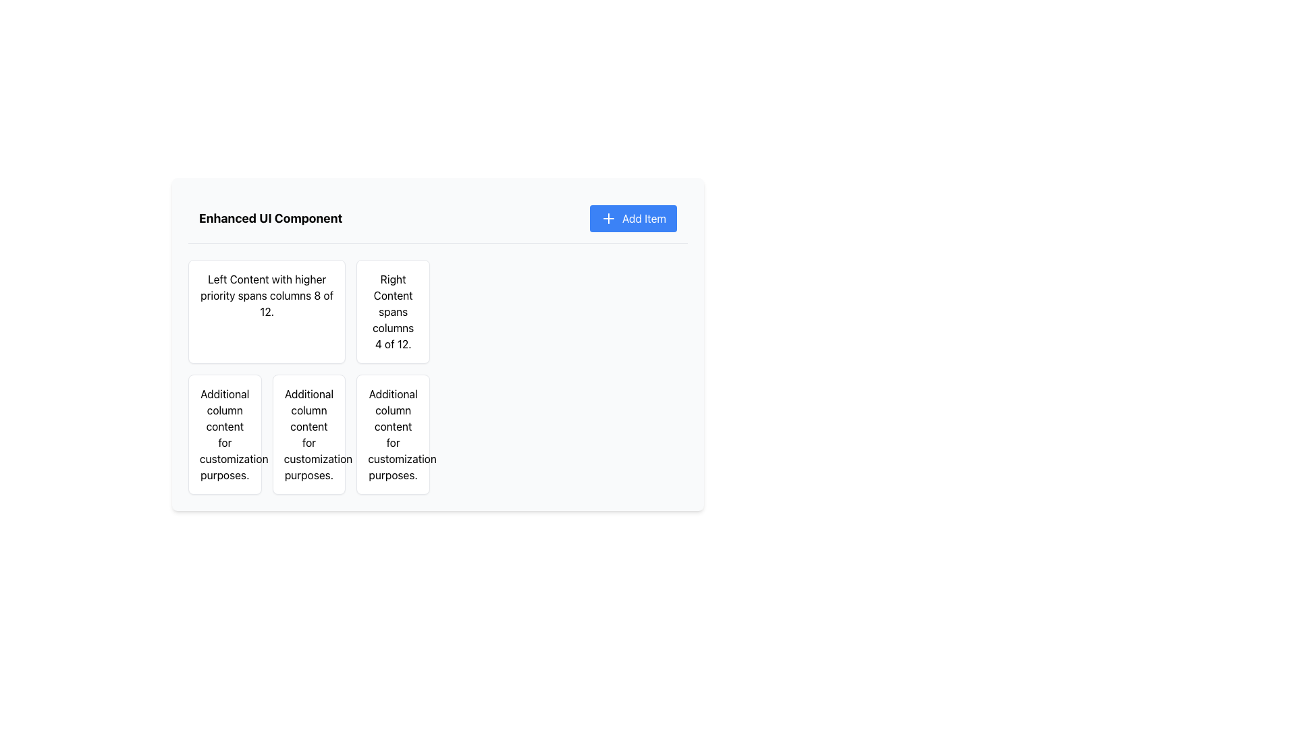 The image size is (1296, 729). I want to click on the Text Block element displaying 'Additional column content for customization purposes.' located in the bottom-left region of the interface, so click(225, 435).